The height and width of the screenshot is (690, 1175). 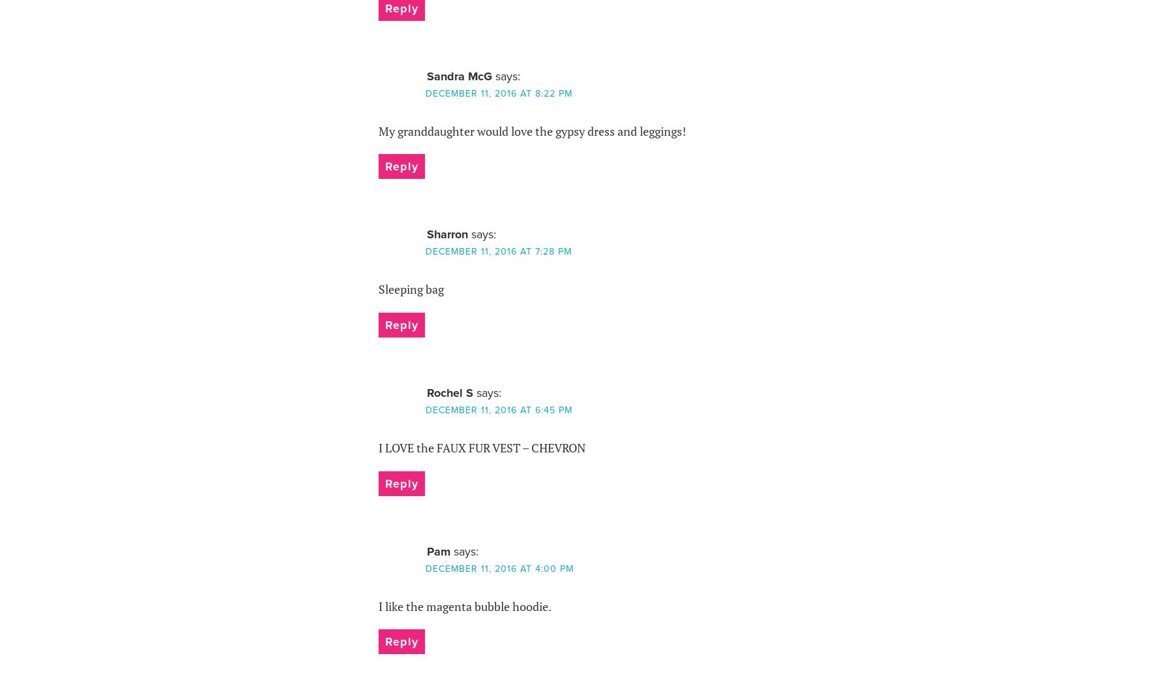 I want to click on 'Pam', so click(x=426, y=550).